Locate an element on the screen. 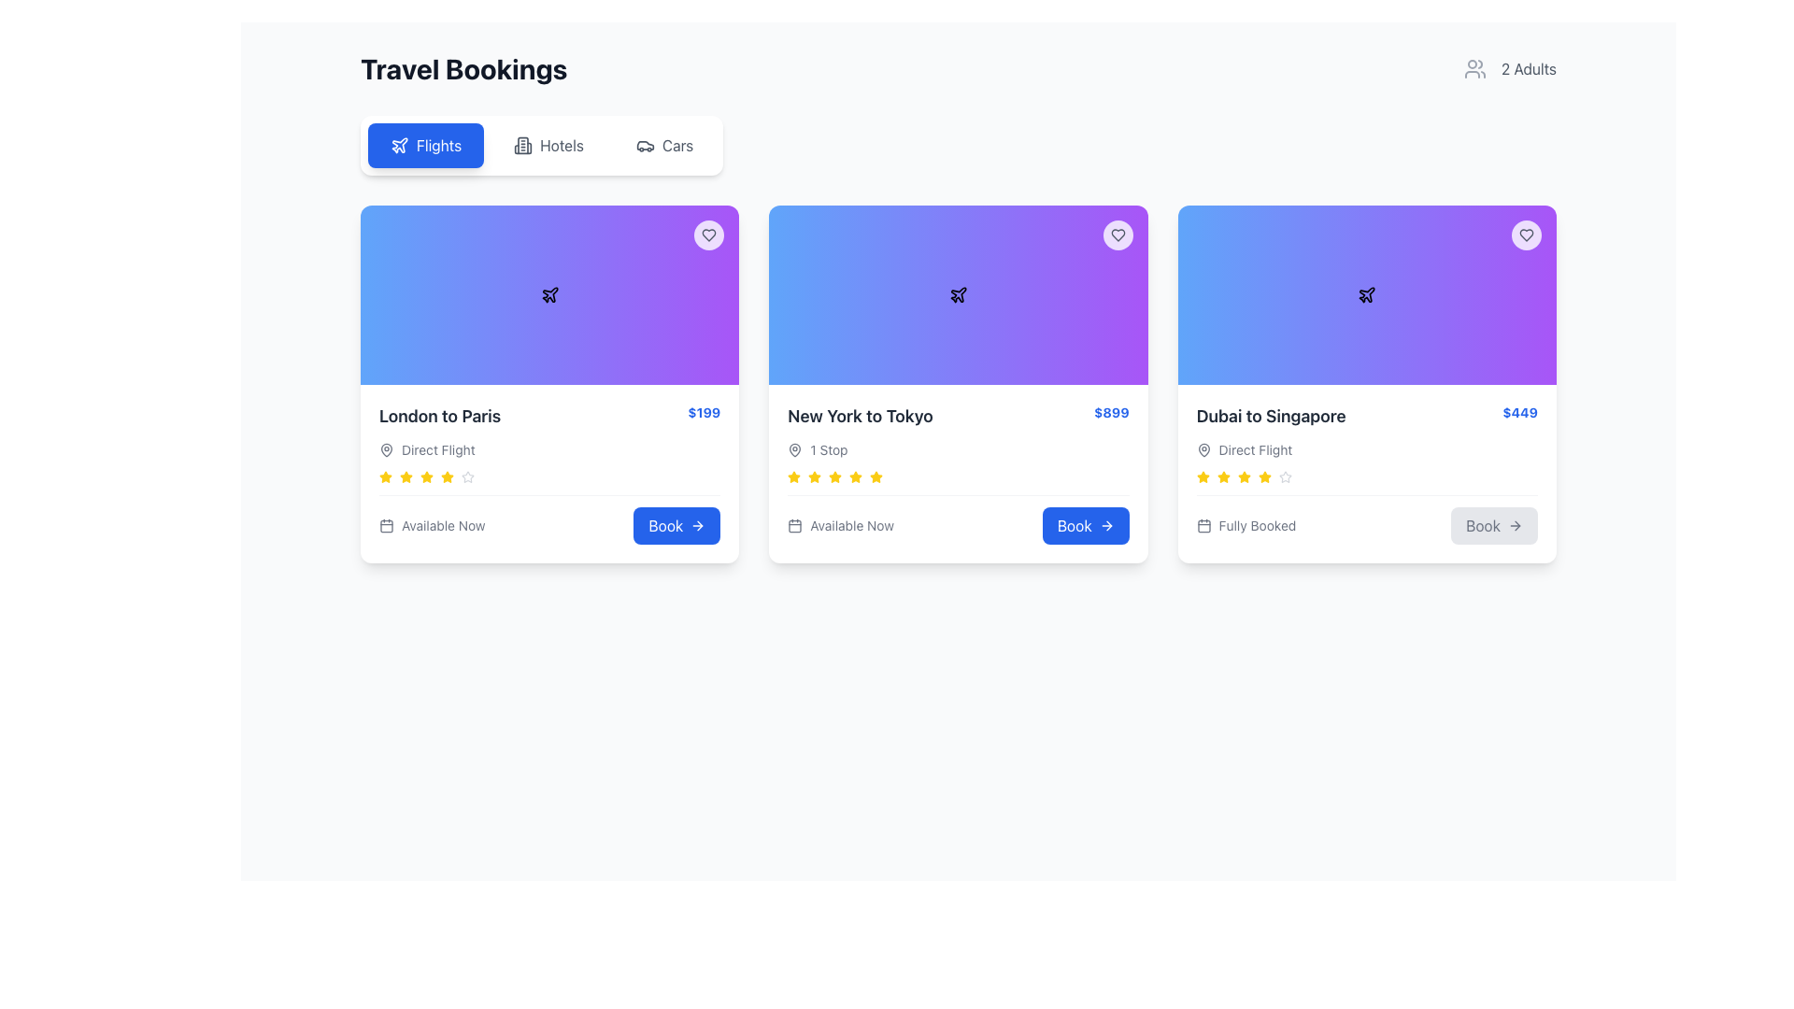 The height and width of the screenshot is (1009, 1794). the calendar icon located to the left of the text 'Available Now' in the lower section of the 'New York to Tokyo' card is located at coordinates (795, 526).